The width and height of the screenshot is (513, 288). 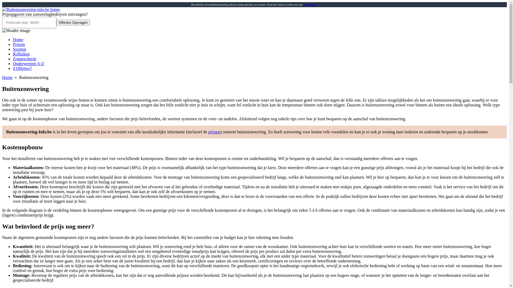 What do you see at coordinates (24, 59) in the screenshot?
I see `'Zonnescherm'` at bounding box center [24, 59].